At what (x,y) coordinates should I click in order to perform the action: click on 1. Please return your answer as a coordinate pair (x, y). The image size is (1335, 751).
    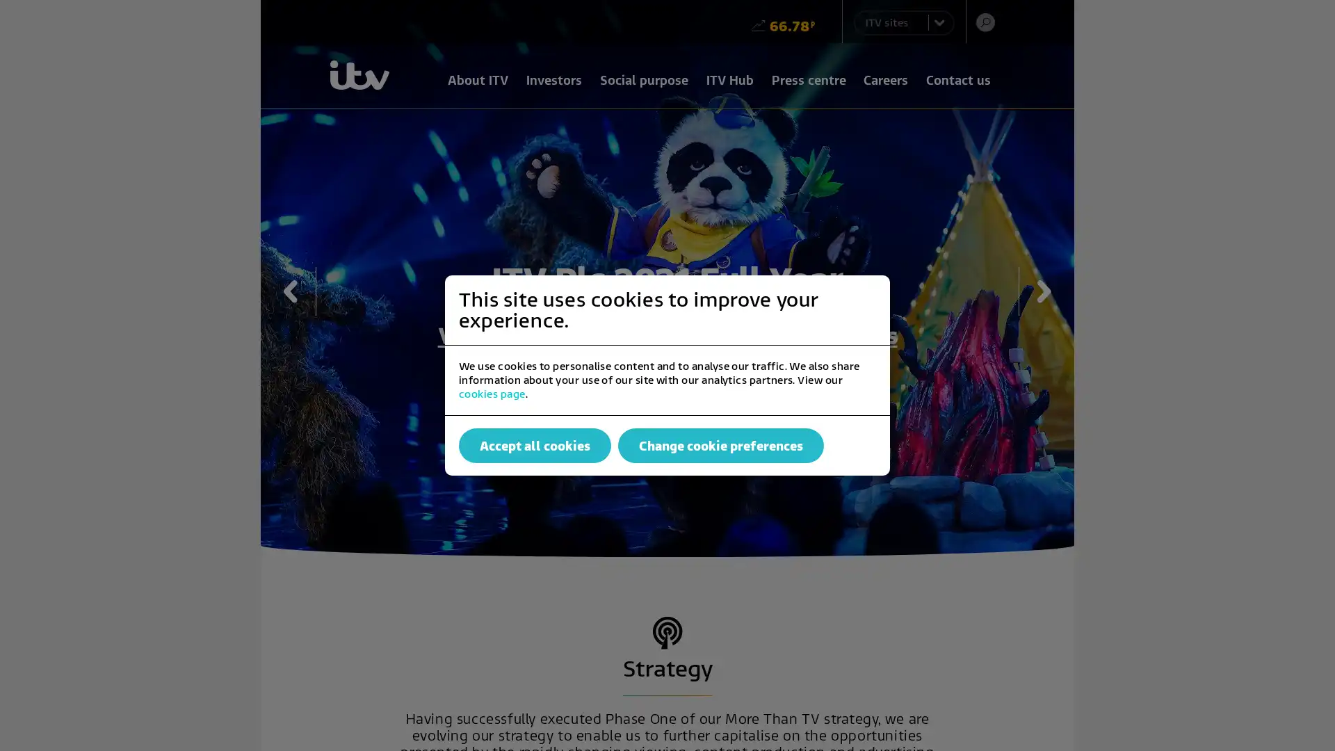
    Looking at the image, I should click on (649, 407).